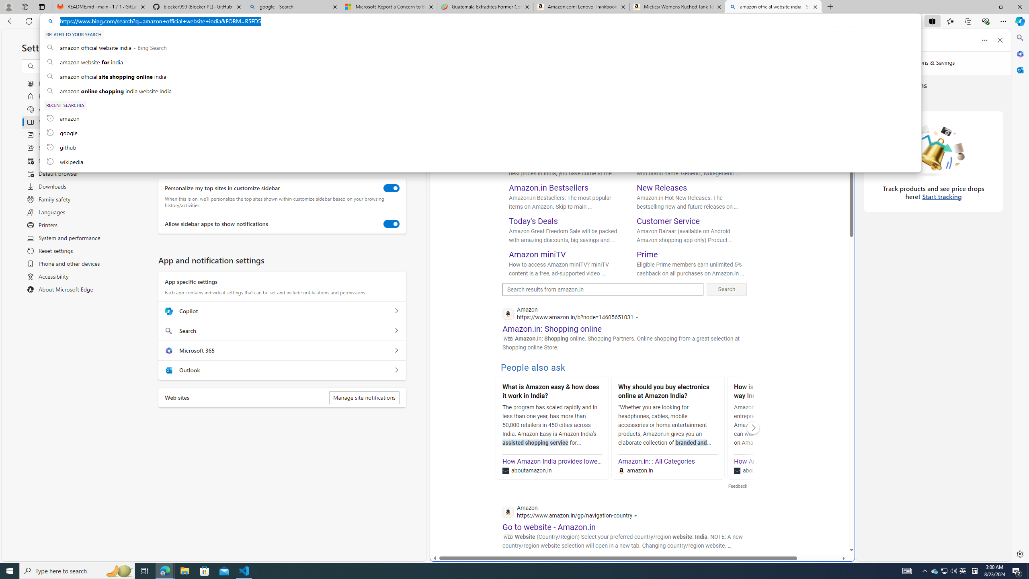 Image resolution: width=1029 pixels, height=579 pixels. Describe the element at coordinates (668, 221) in the screenshot. I see `'Customer Service'` at that location.